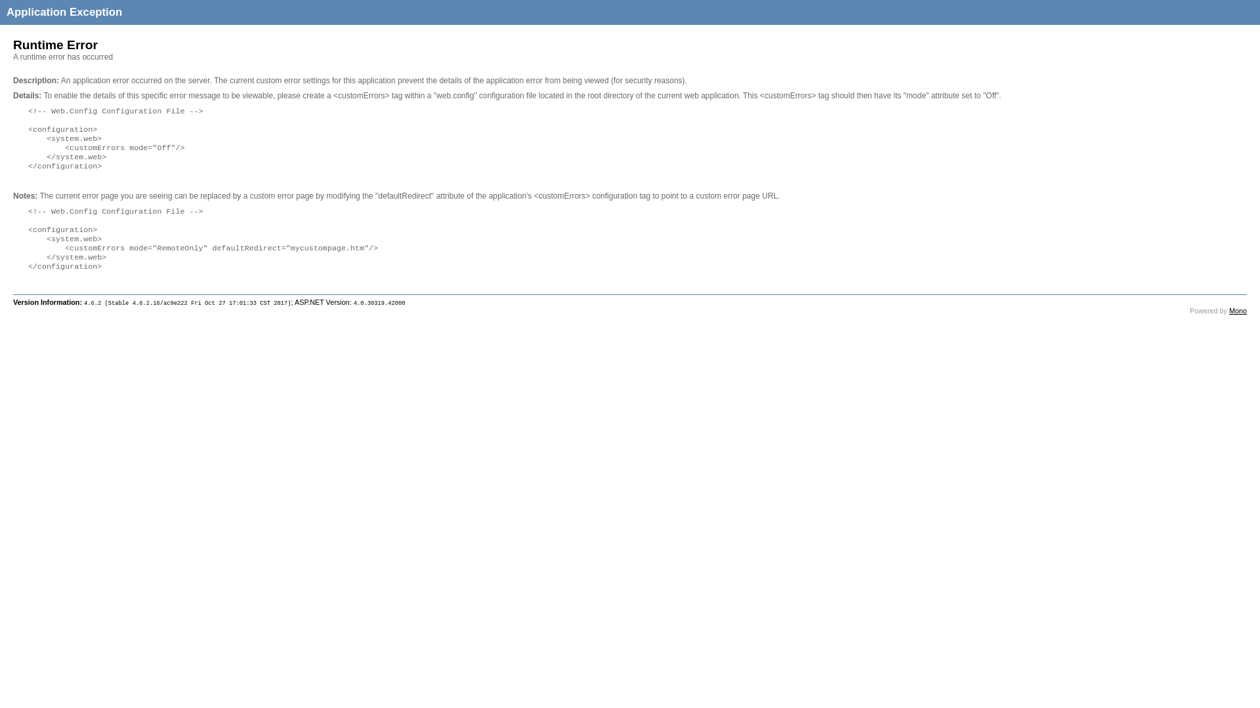  I want to click on 'Mono', so click(1228, 311).